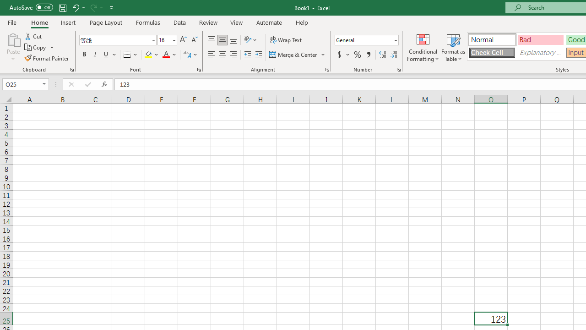 The width and height of the screenshot is (586, 330). Describe the element at coordinates (286, 39) in the screenshot. I see `'Wrap Text'` at that location.